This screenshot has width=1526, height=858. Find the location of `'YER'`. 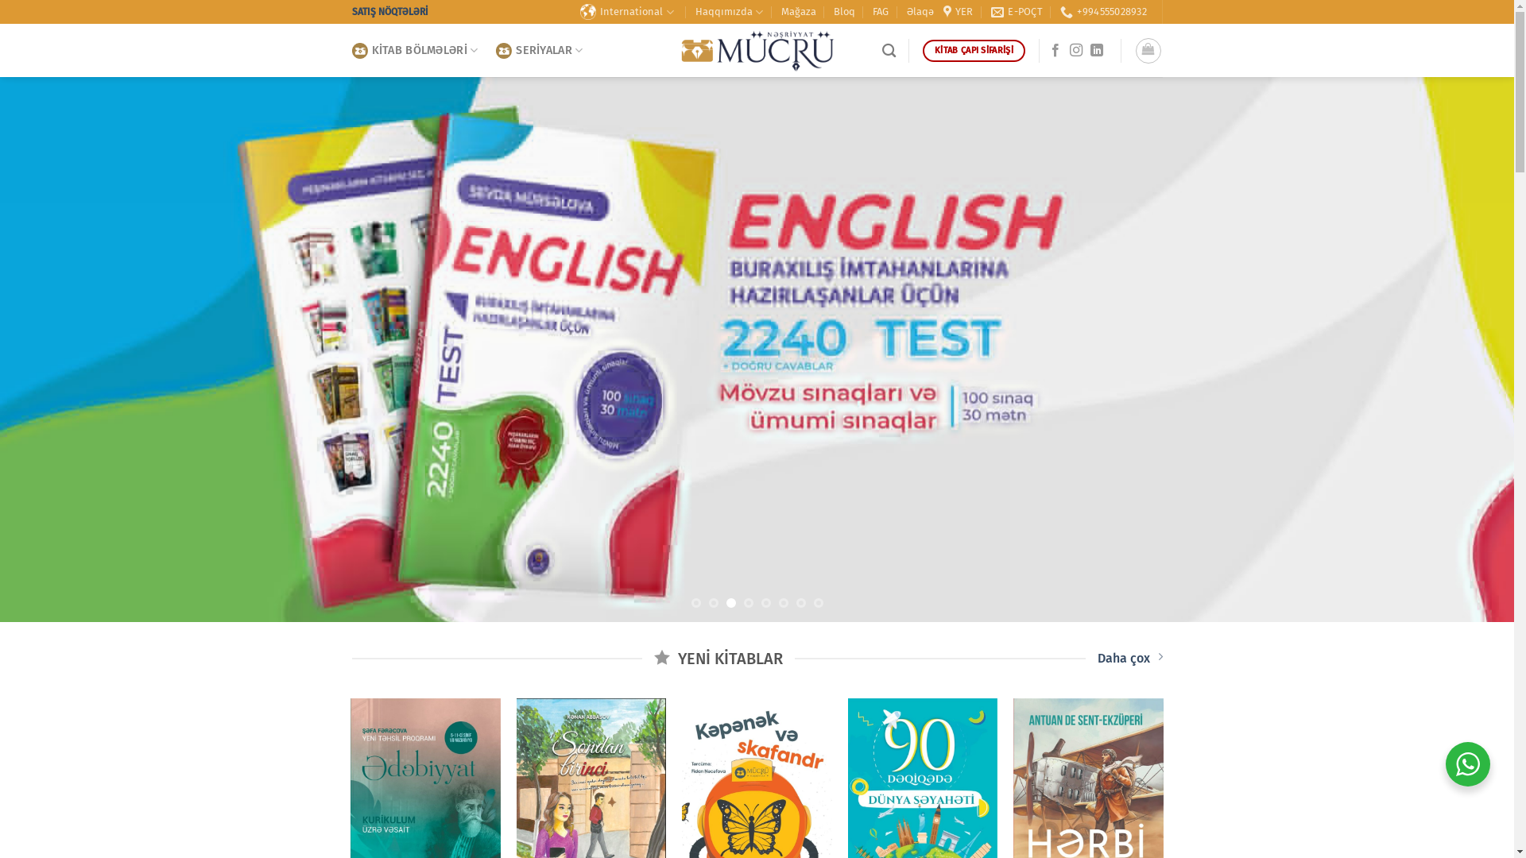

'YER' is located at coordinates (943, 12).